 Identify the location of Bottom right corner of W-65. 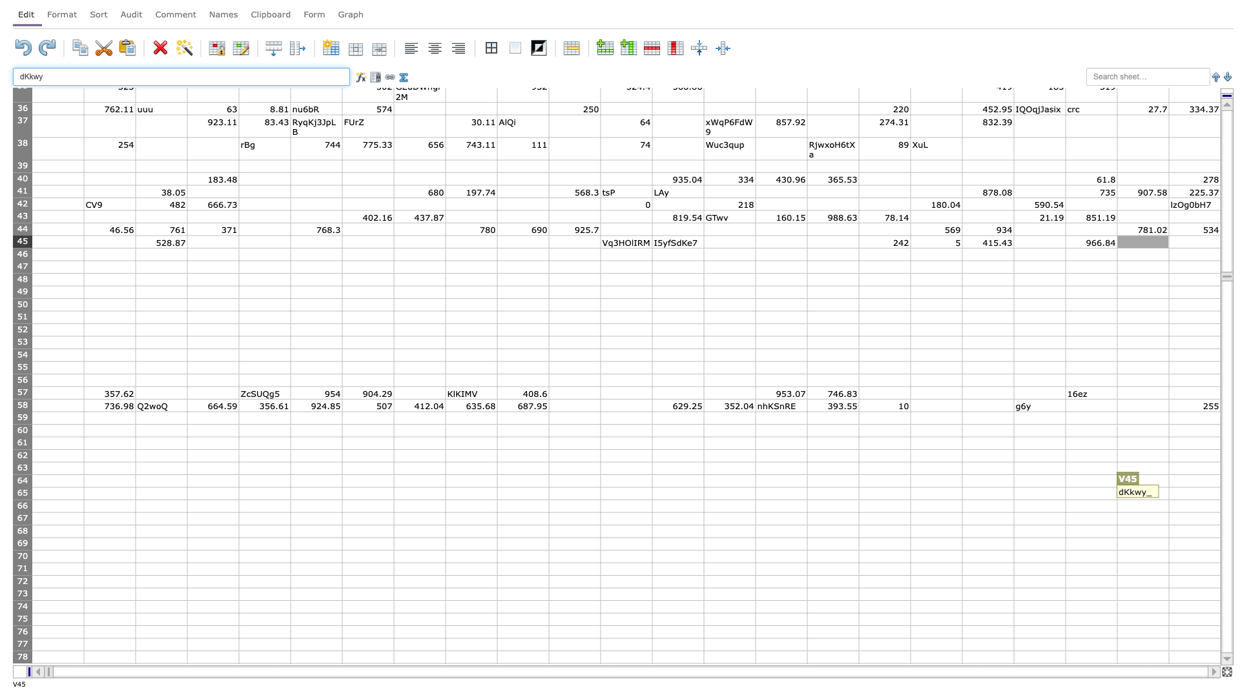
(1220, 499).